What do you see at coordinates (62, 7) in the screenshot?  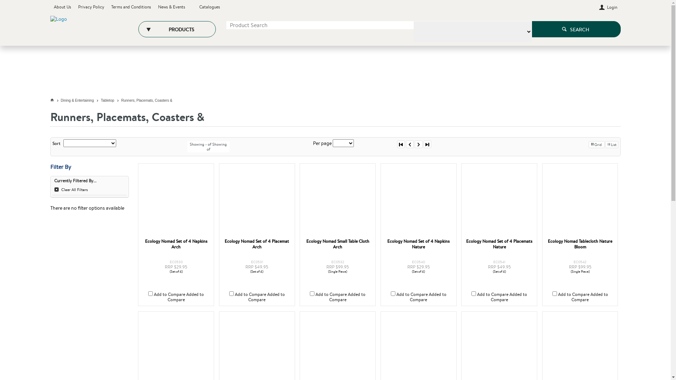 I see `'About Us'` at bounding box center [62, 7].